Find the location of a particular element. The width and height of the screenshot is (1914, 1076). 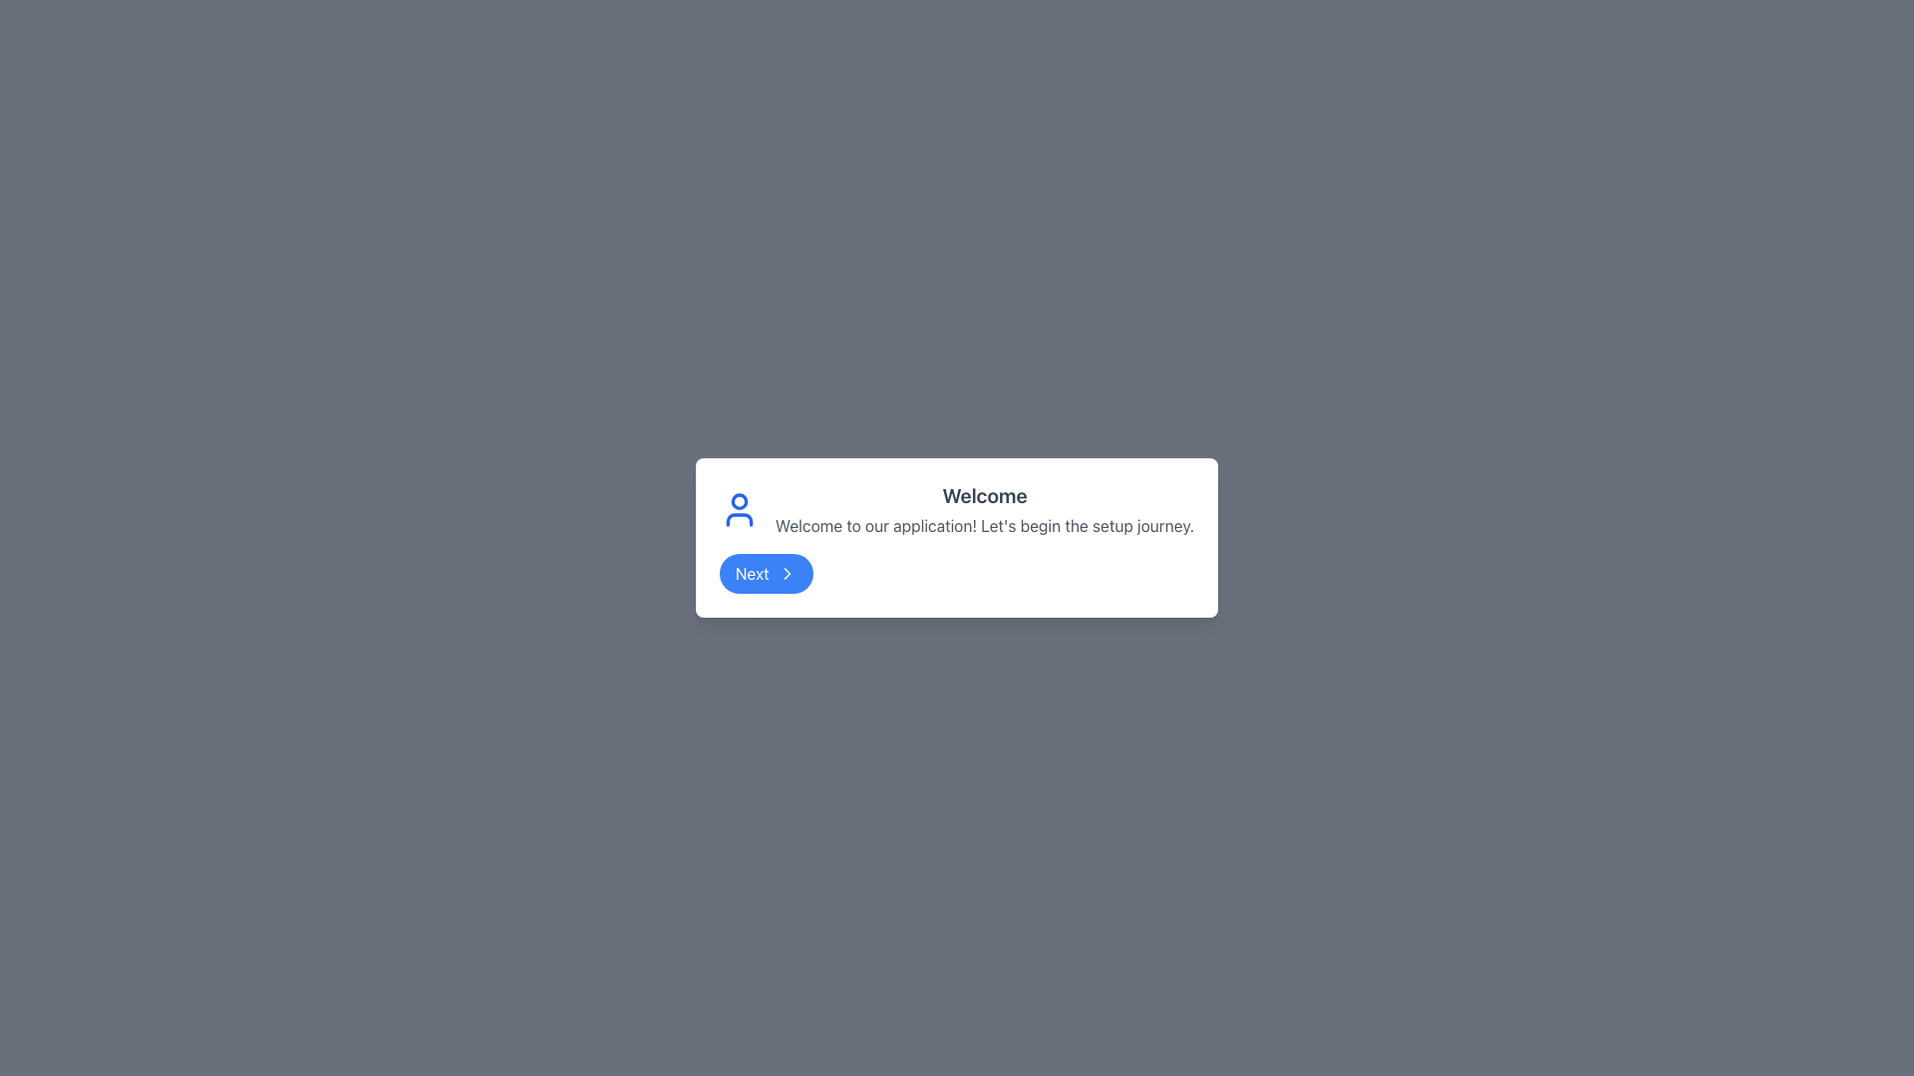

the circular decorative graphic icon that resembles a user profile, located on the left-hand side of the welcome message in the popup box is located at coordinates (738, 500).